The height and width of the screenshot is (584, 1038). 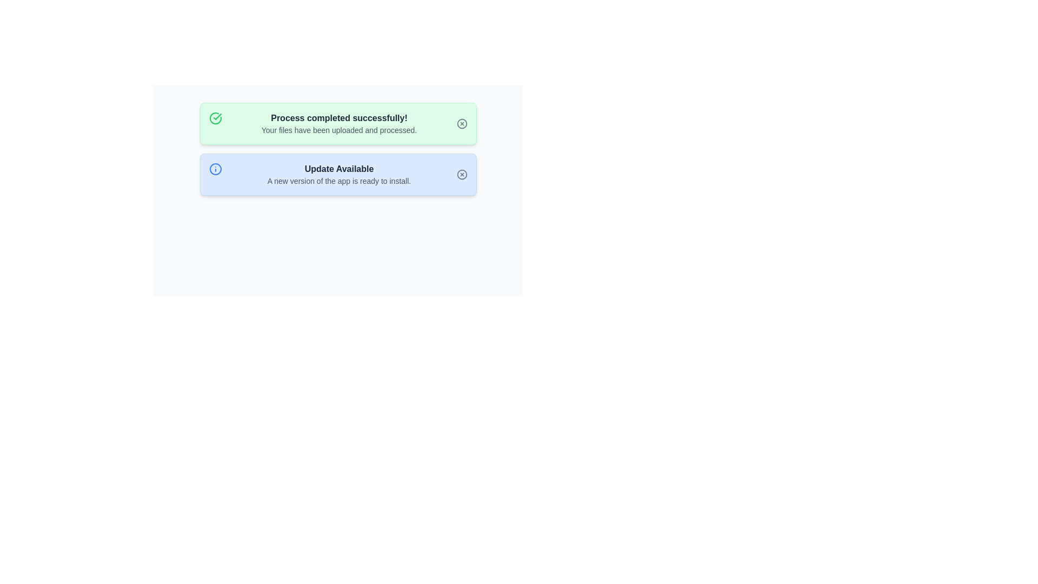 What do you see at coordinates (217, 117) in the screenshot?
I see `the checkmark icon that represents a confirmation or success state, located to the left of the 'Process completed successfully!' message box` at bounding box center [217, 117].